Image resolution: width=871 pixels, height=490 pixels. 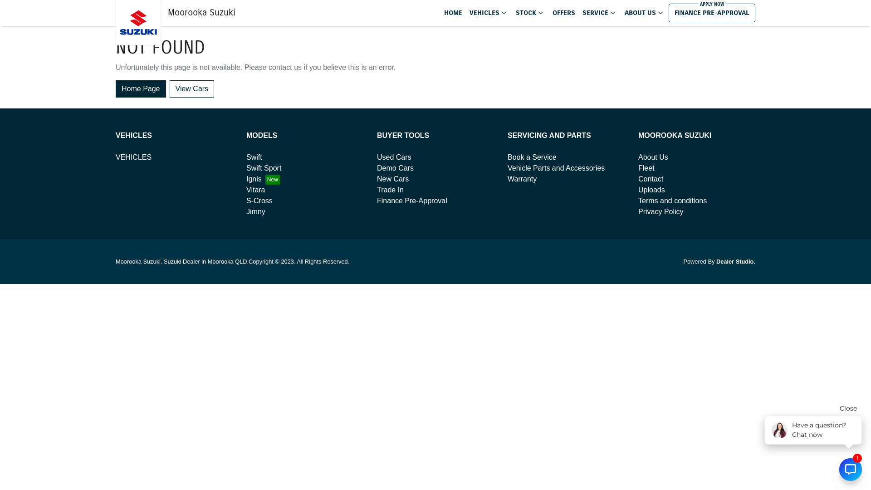 I want to click on 'Moorooka Suzuki', so click(x=176, y=12).